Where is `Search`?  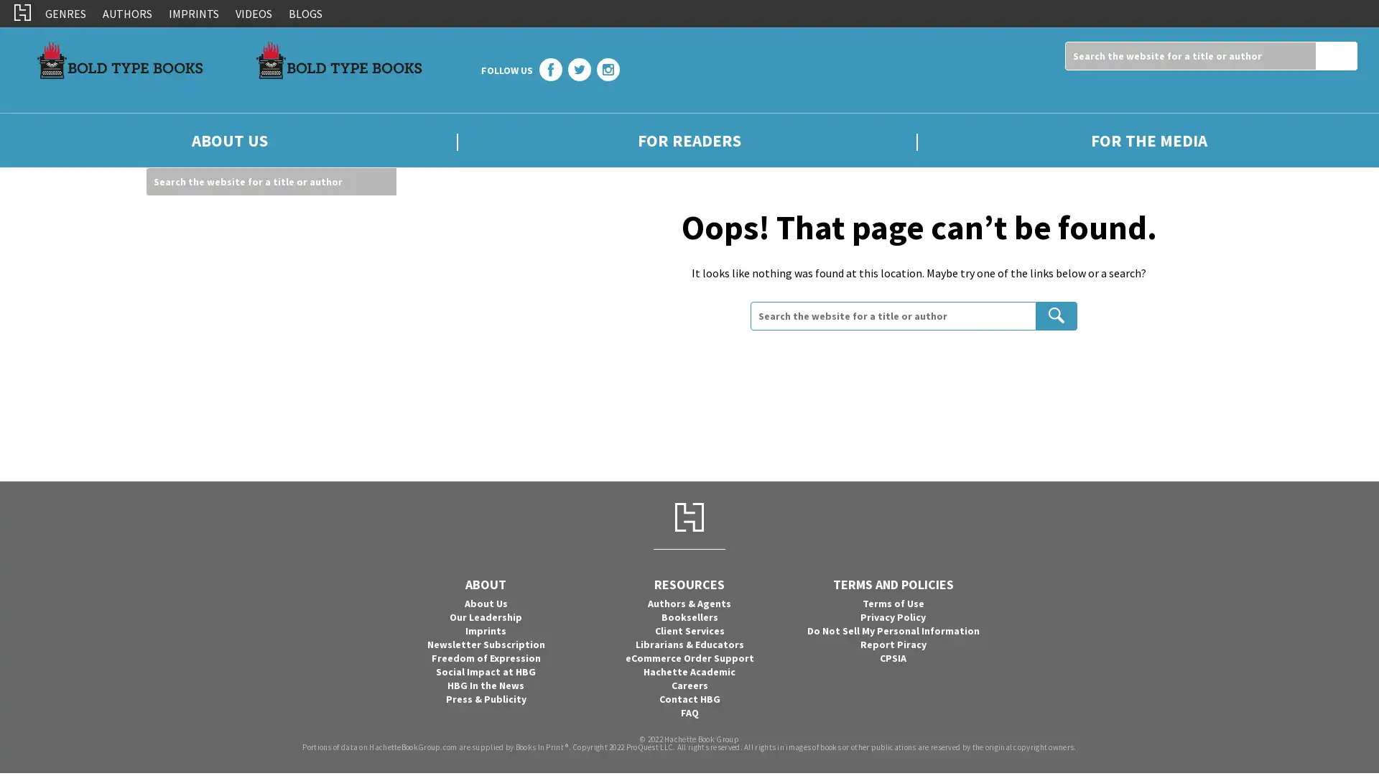 Search is located at coordinates (1056, 315).